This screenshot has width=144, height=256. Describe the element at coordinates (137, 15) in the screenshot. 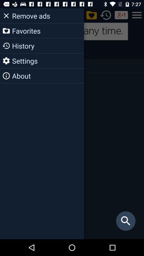

I see `the menu icon` at that location.